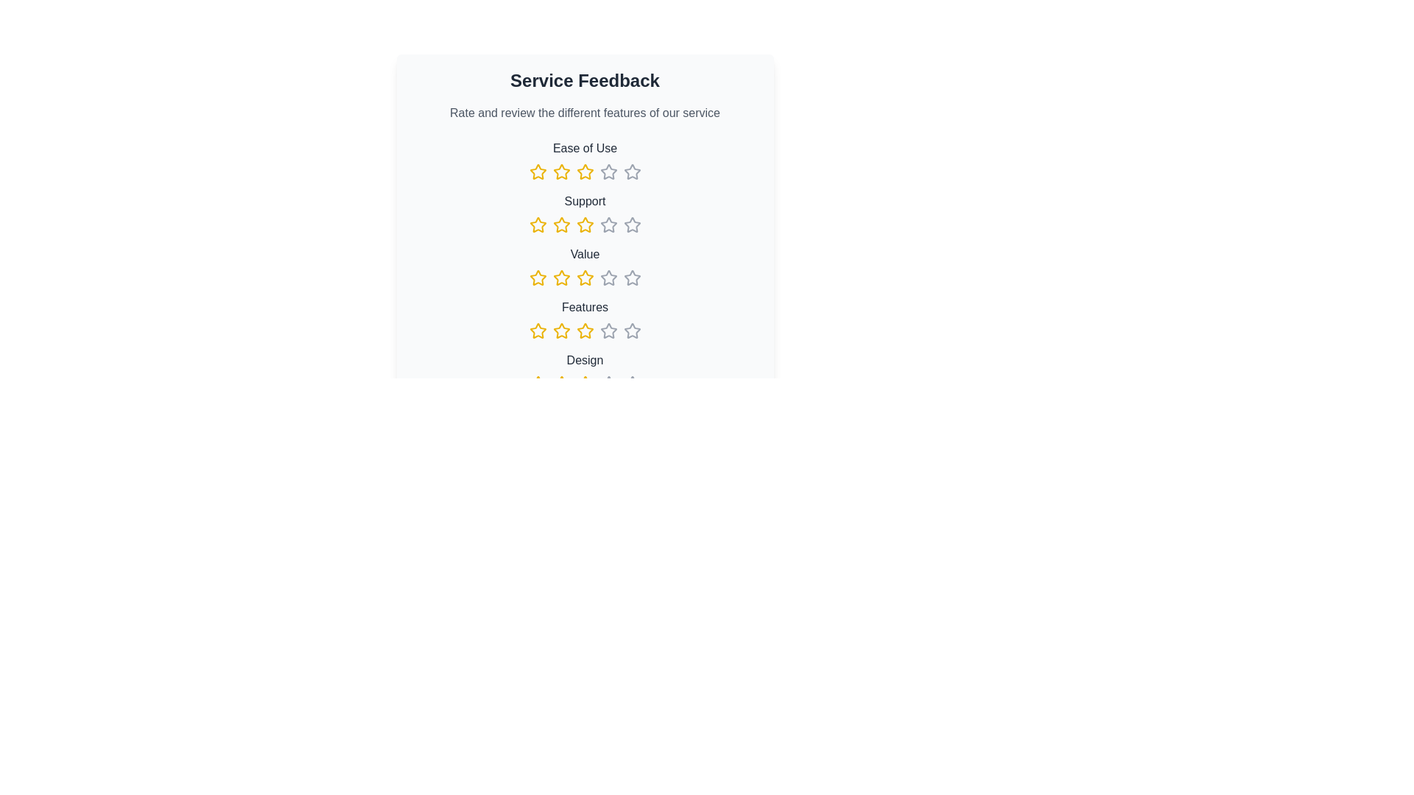  Describe the element at coordinates (584, 383) in the screenshot. I see `the fifth star icon in the 'Design' category of the 'Service Feedback' form` at that location.